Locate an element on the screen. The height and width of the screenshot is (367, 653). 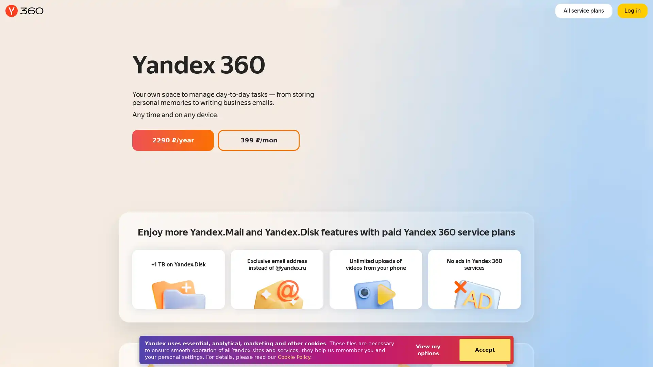
399 /mon is located at coordinates (258, 140).